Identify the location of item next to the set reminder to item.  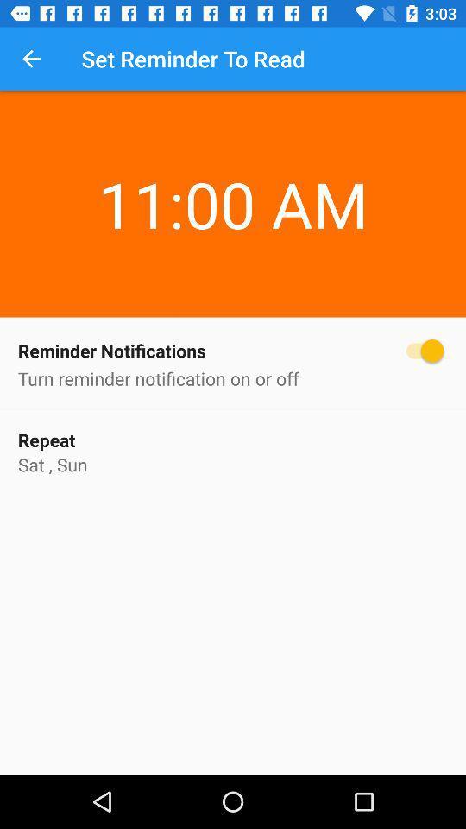
(31, 59).